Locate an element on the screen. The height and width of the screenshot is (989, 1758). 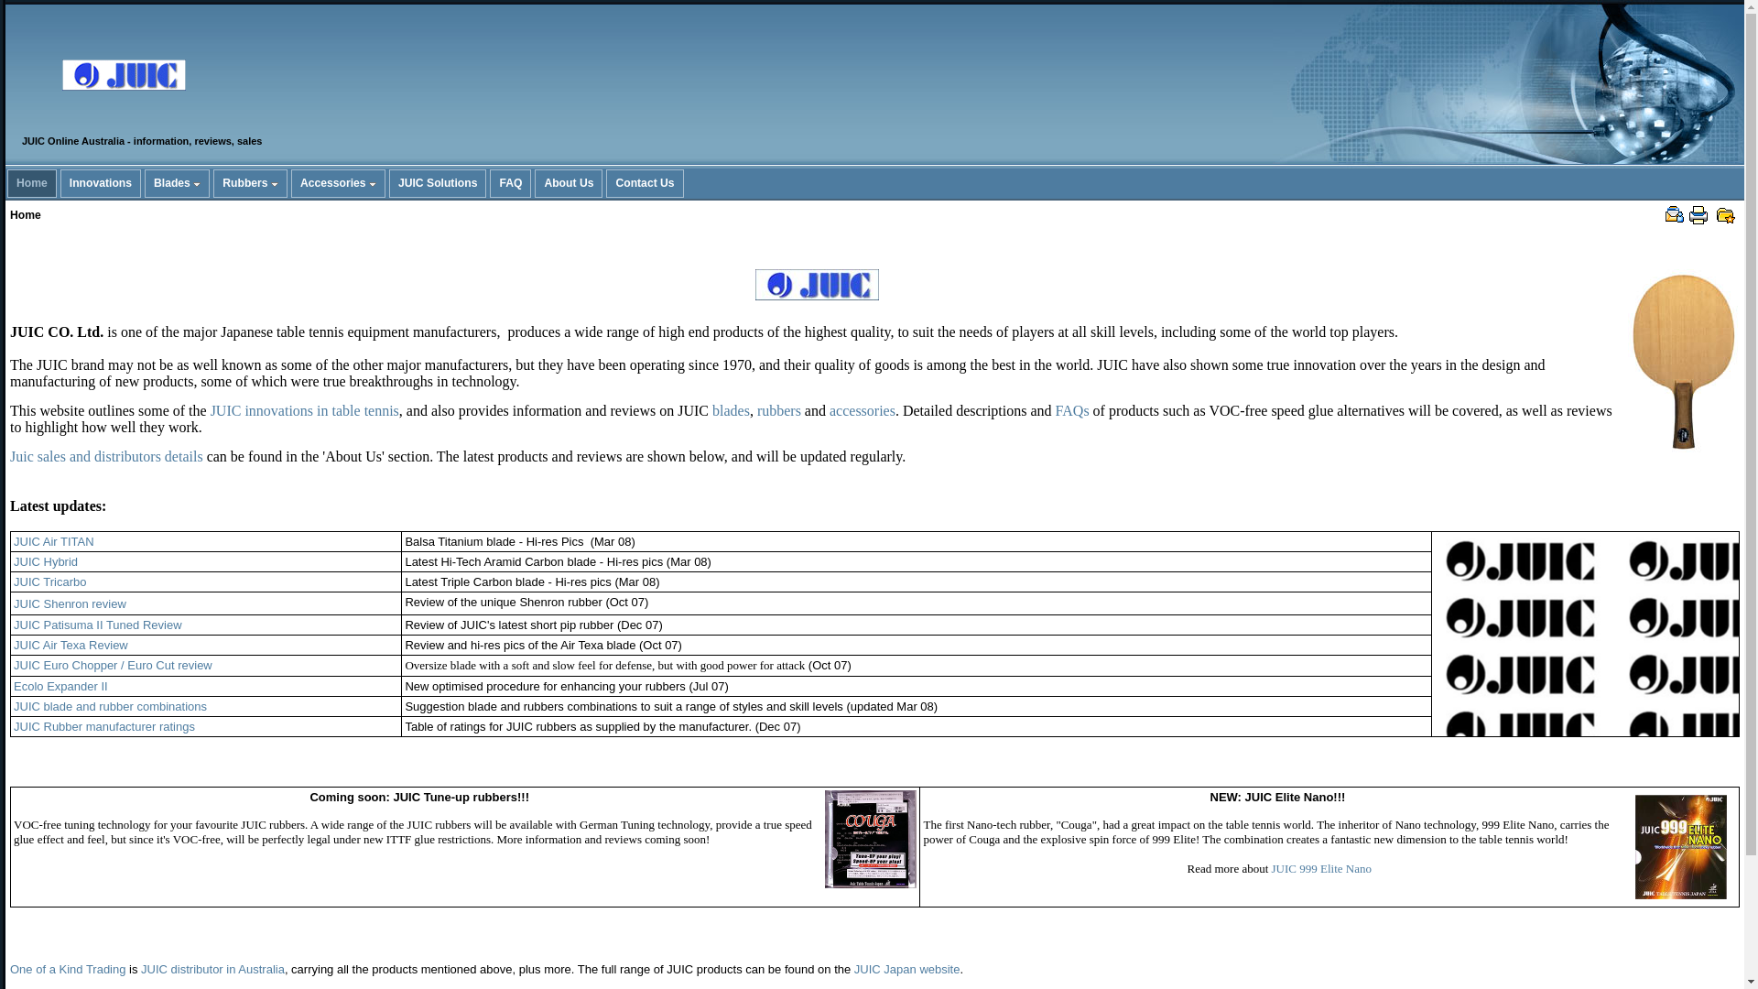
'JUIC 999 Elite Nano' is located at coordinates (1270, 867).